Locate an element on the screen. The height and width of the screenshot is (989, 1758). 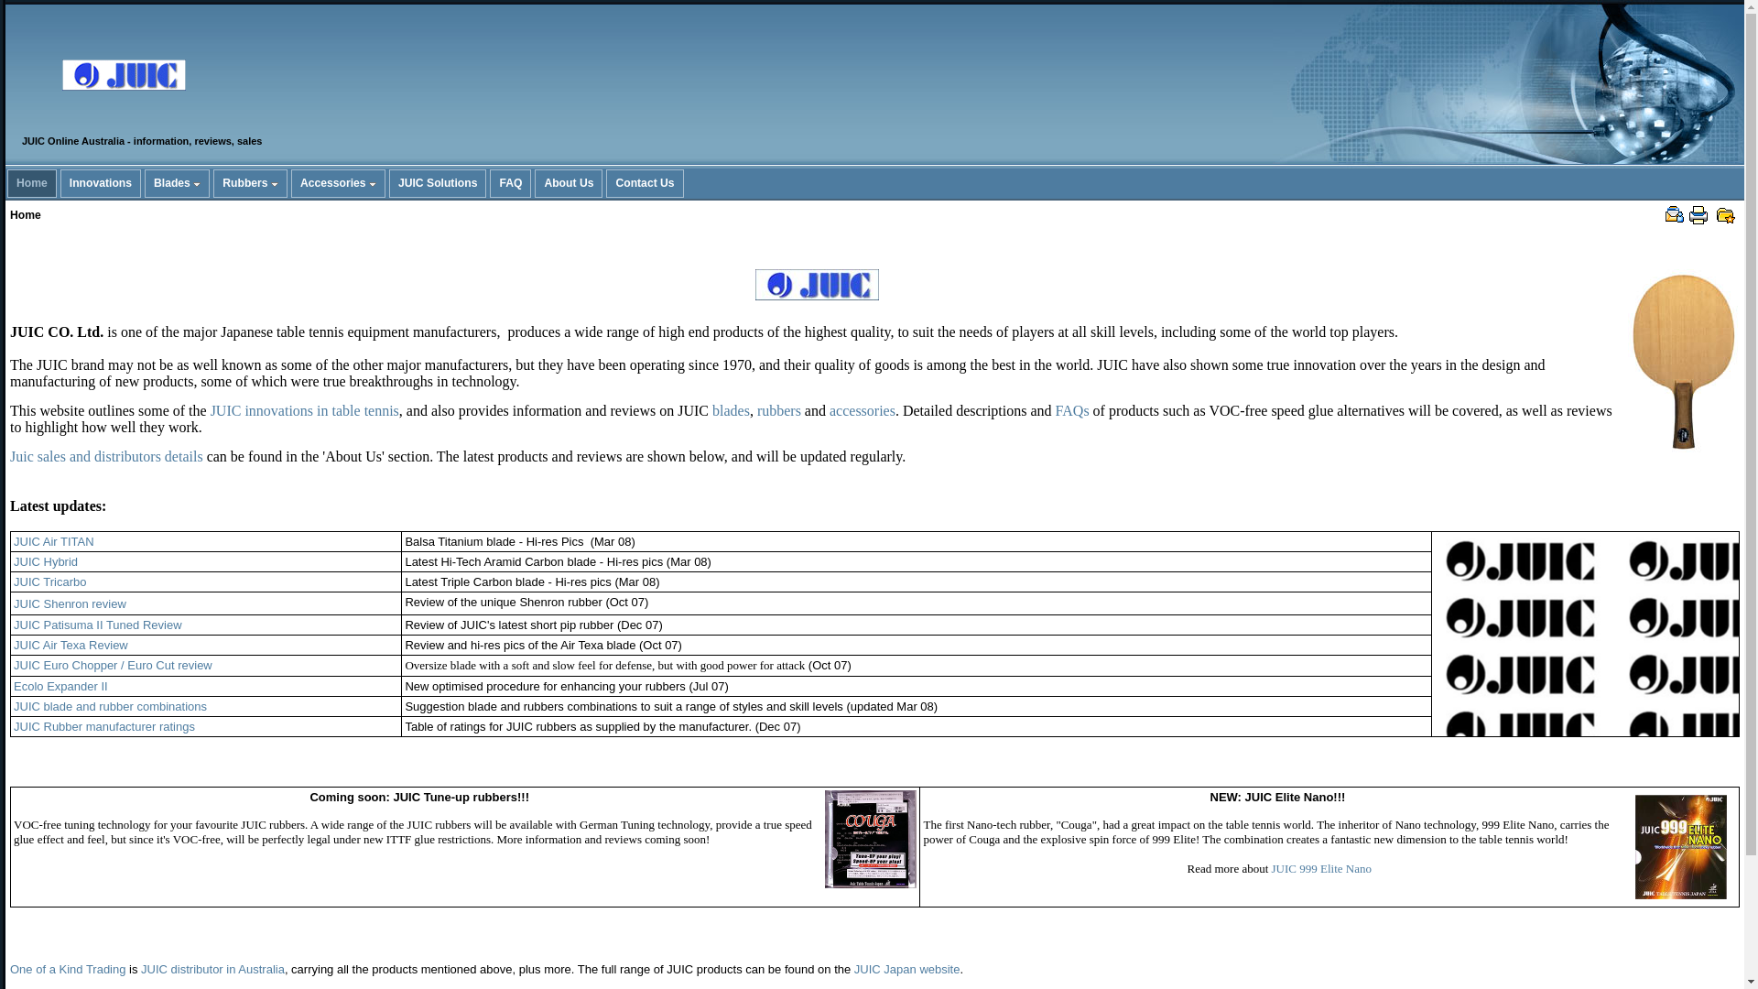
'JUIC 999 Elite Nano' is located at coordinates (1270, 867).